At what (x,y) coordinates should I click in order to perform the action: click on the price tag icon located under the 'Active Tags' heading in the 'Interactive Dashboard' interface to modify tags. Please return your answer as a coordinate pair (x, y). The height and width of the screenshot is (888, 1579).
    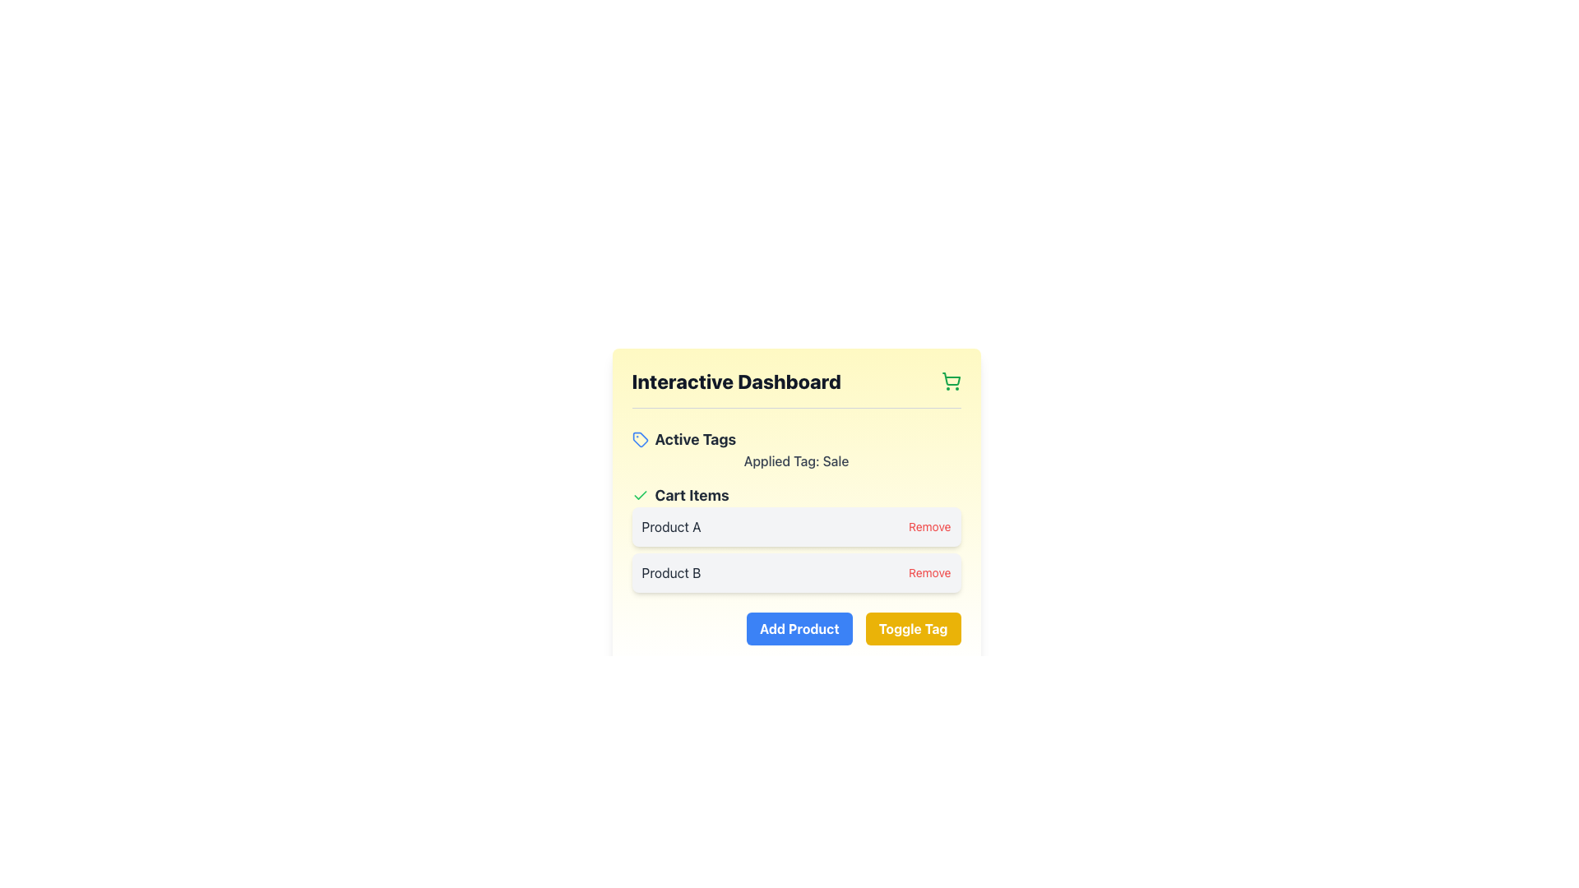
    Looking at the image, I should click on (638, 437).